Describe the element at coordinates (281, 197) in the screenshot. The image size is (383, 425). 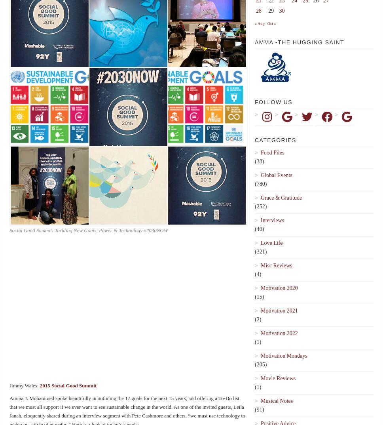
I see `'Grace & Gratitude'` at that location.